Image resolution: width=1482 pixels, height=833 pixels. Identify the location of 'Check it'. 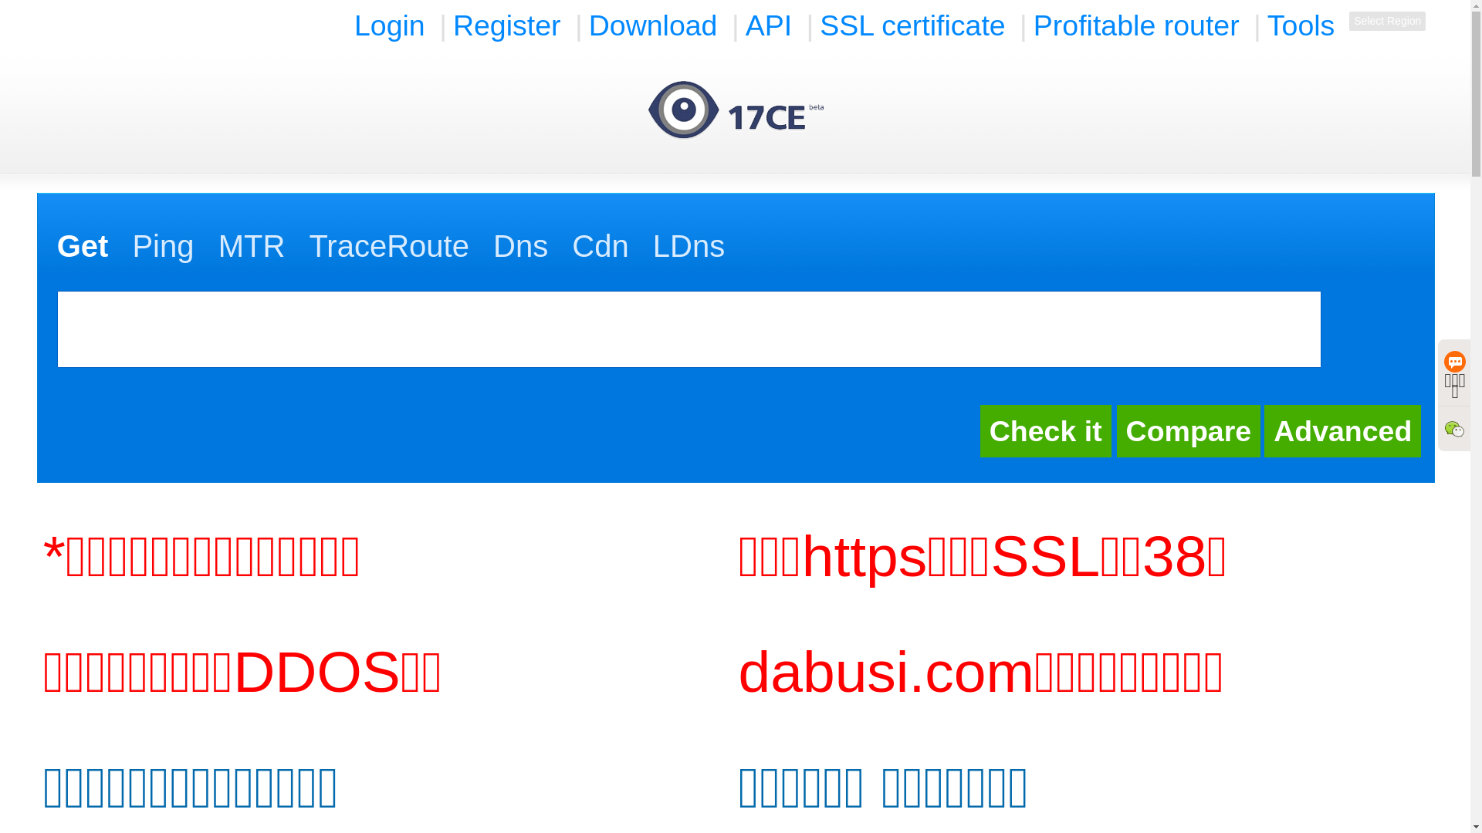
(980, 431).